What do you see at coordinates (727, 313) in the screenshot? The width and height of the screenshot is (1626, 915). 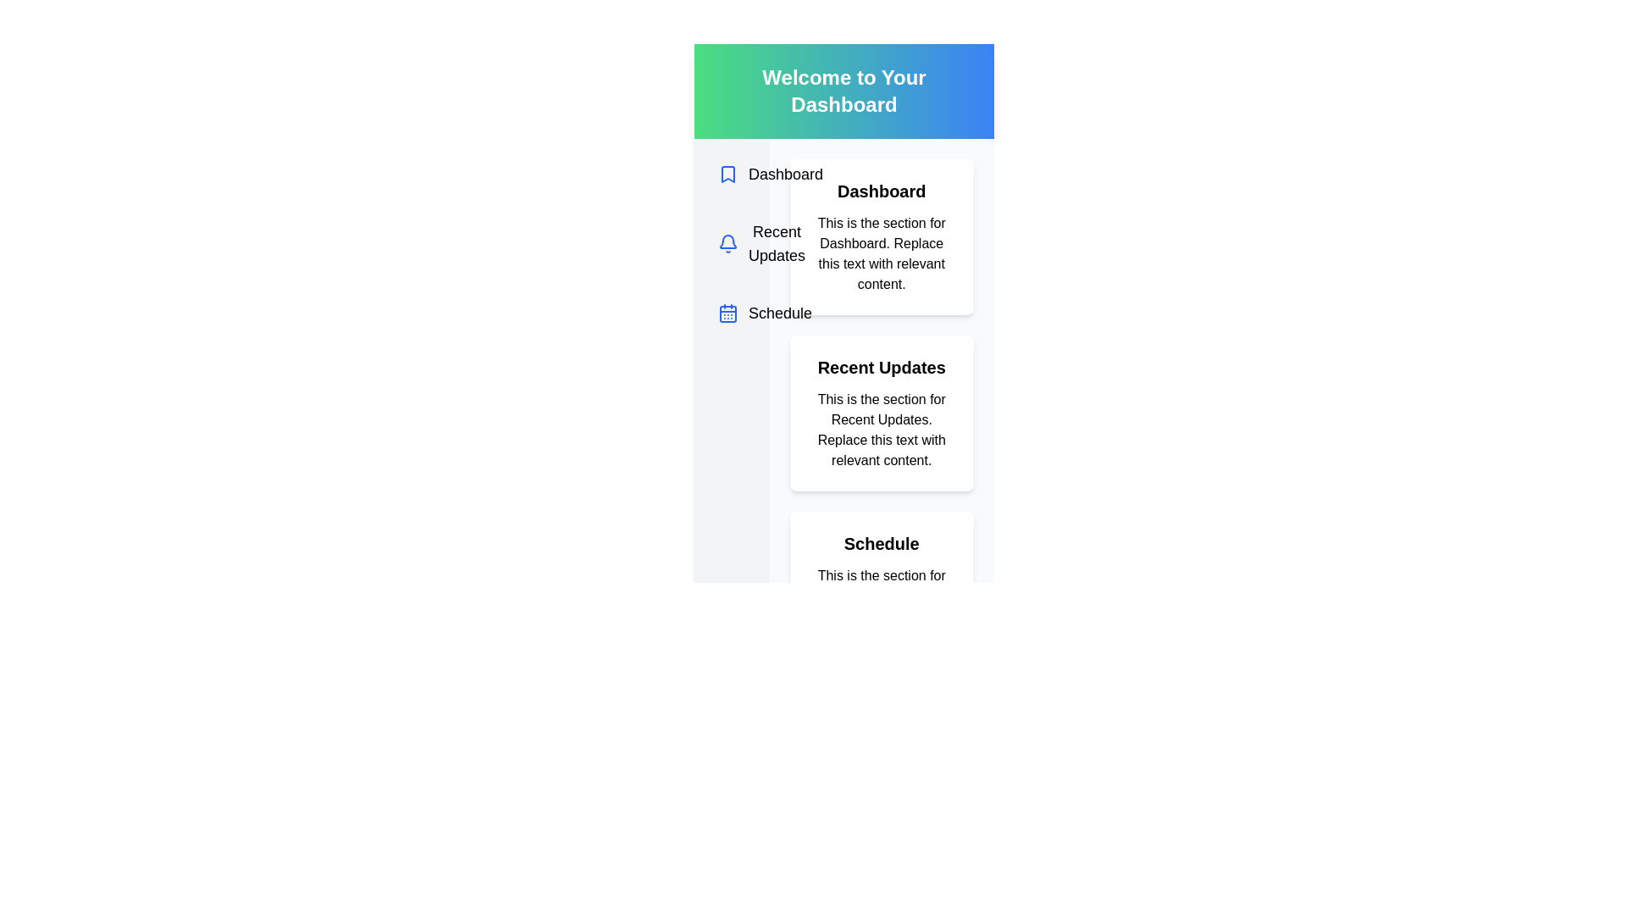 I see `the visual representation of the small square calendar icon with a blue outline located next to the 'Schedule' text in the vertical navigation list` at bounding box center [727, 313].